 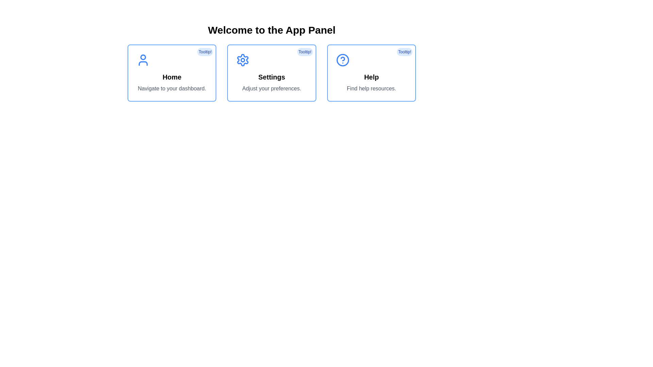 I want to click on the settings icon located centrally within the 'Settings' card, which serves, so click(x=243, y=60).